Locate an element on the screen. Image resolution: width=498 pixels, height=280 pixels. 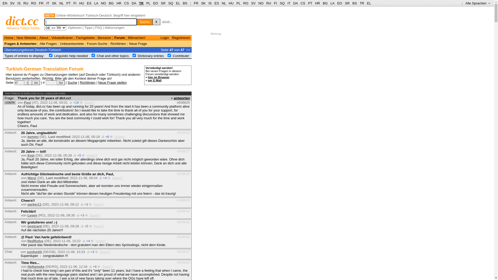
'#938626' is located at coordinates (177, 132).